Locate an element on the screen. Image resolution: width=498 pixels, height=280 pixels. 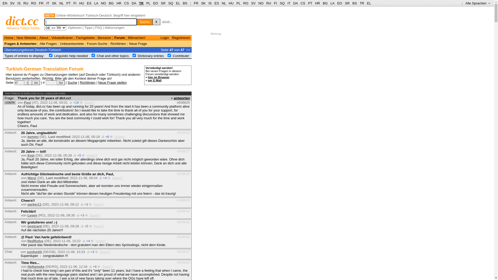
'#938626' is located at coordinates (177, 132).